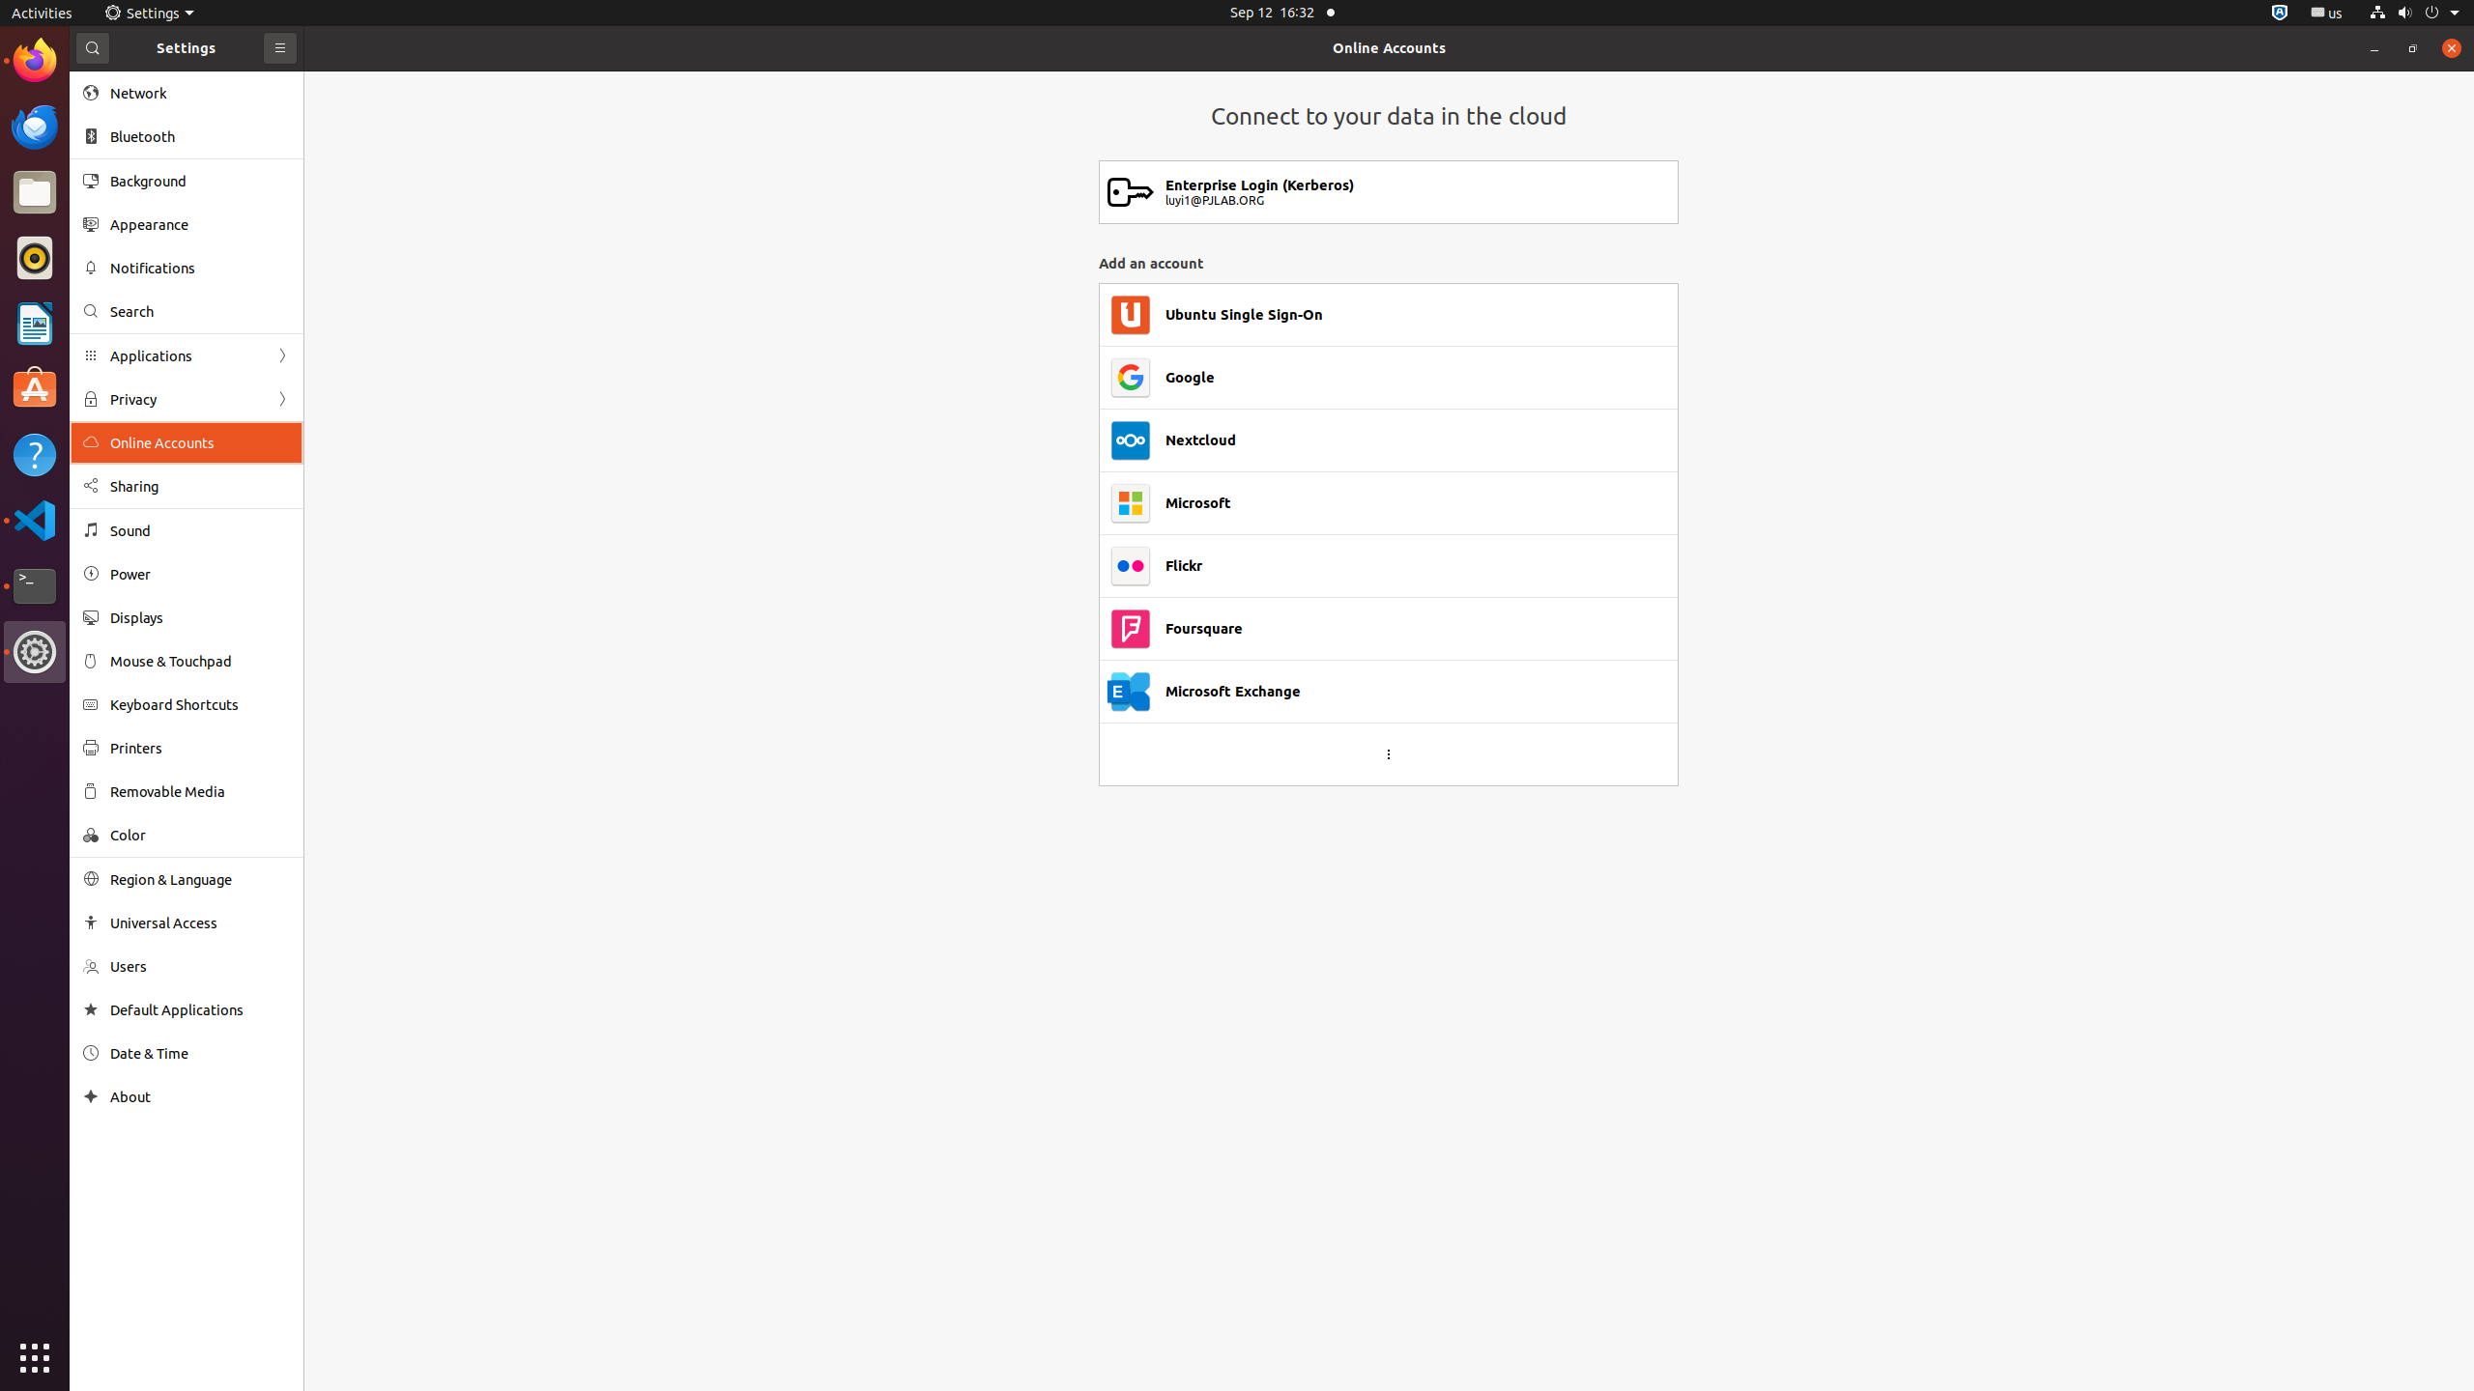 The image size is (2474, 1391). I want to click on 'Applications', so click(186, 355).